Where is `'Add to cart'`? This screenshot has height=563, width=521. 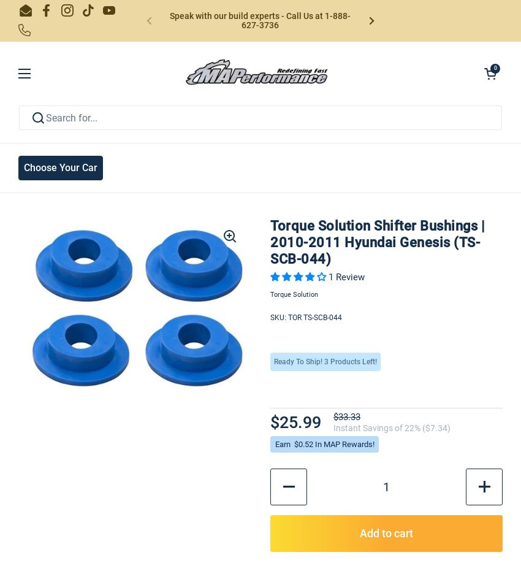
'Add to cart' is located at coordinates (386, 532).